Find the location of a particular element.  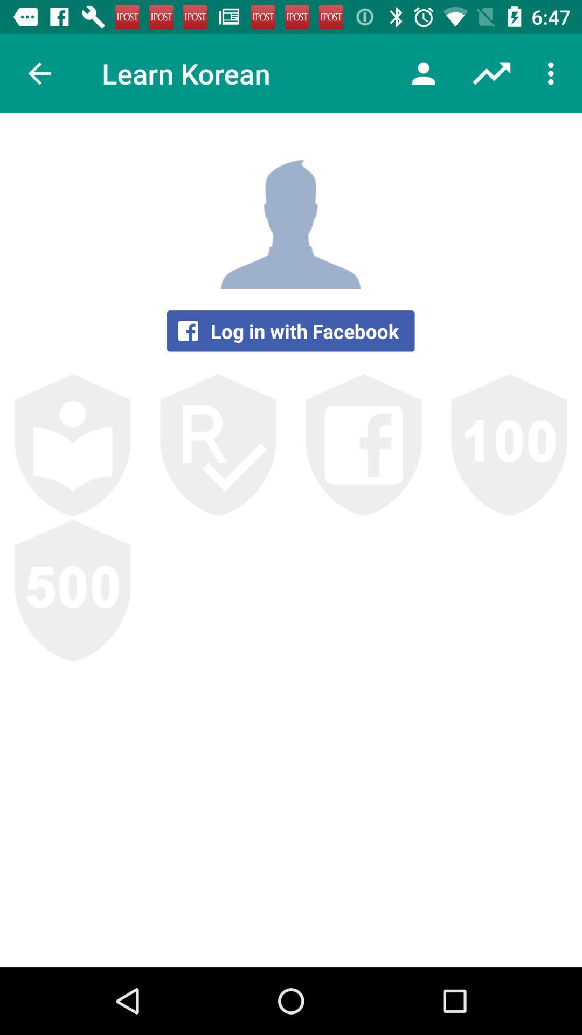

the item to the left of the learn korean icon is located at coordinates (39, 73).